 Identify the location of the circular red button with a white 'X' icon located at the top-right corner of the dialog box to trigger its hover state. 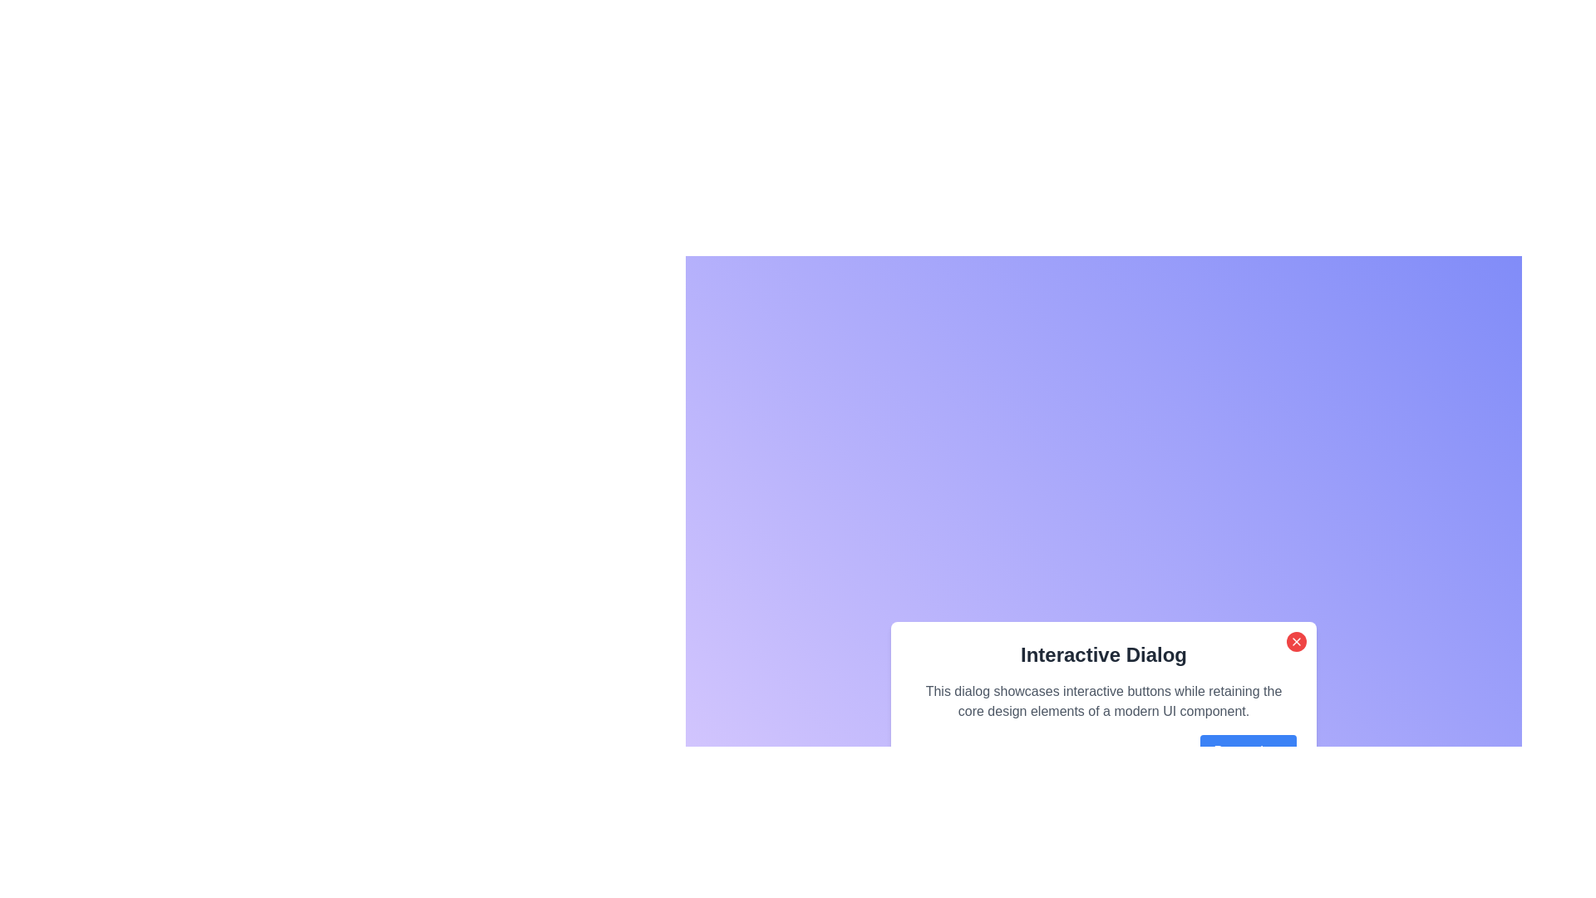
(1296, 640).